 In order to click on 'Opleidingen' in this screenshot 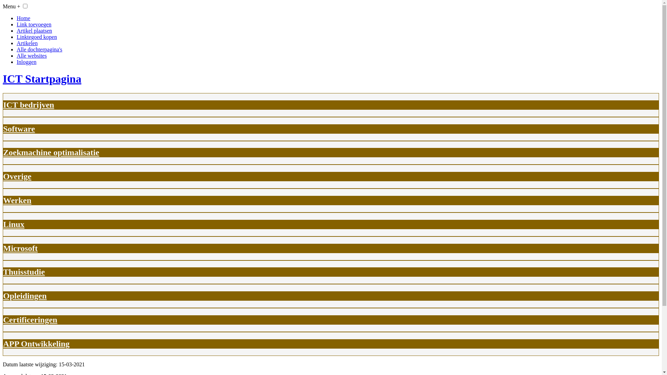, I will do `click(25, 296)`.